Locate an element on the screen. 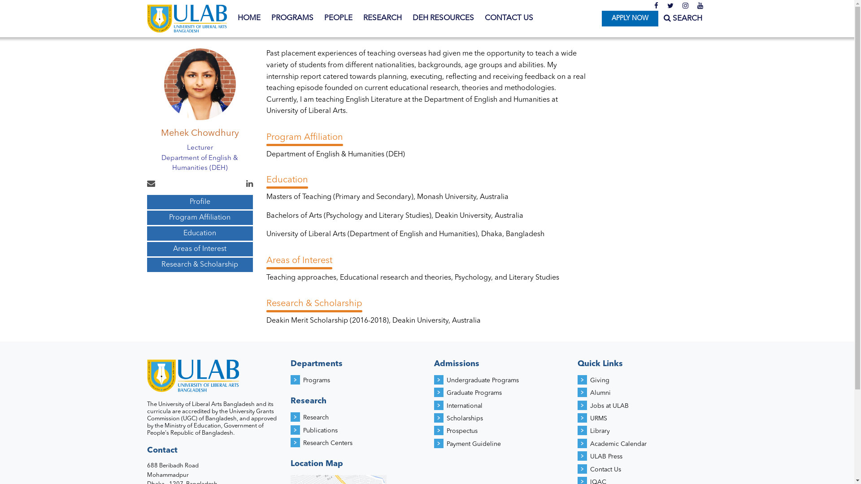  'Library' is located at coordinates (600, 430).